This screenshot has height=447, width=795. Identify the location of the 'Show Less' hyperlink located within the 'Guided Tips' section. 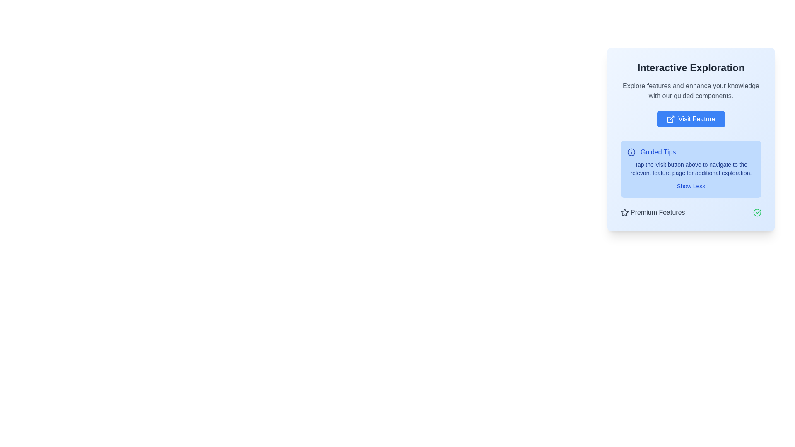
(691, 186).